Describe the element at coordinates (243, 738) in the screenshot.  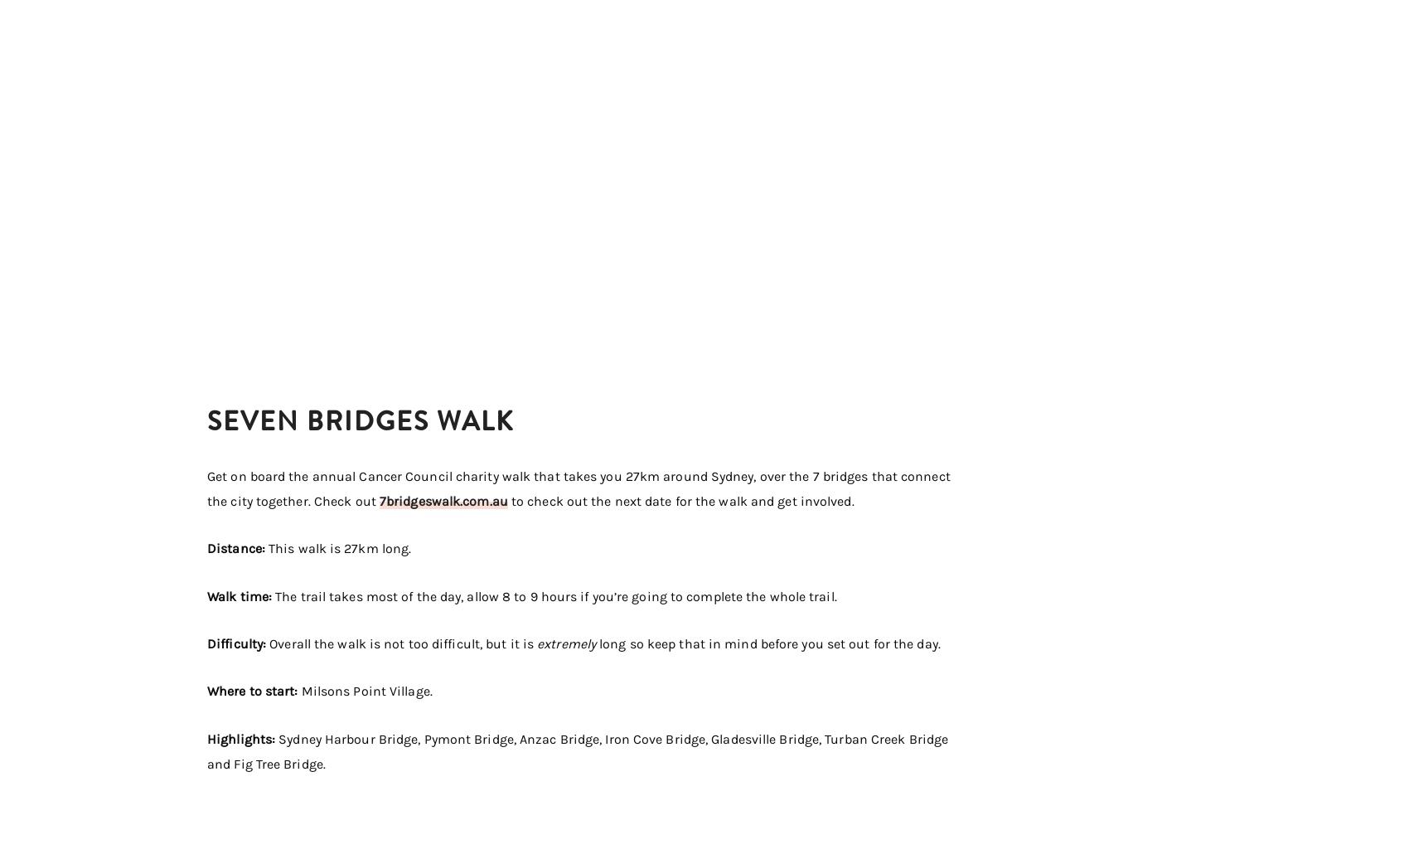
I see `'Highlights:'` at that location.